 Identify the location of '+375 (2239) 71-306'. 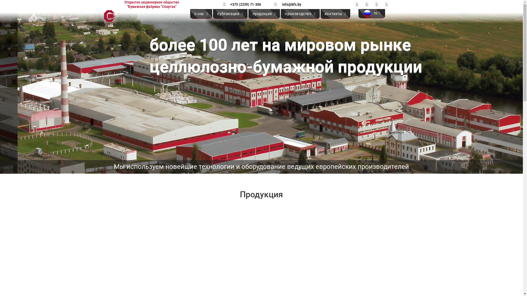
(243, 4).